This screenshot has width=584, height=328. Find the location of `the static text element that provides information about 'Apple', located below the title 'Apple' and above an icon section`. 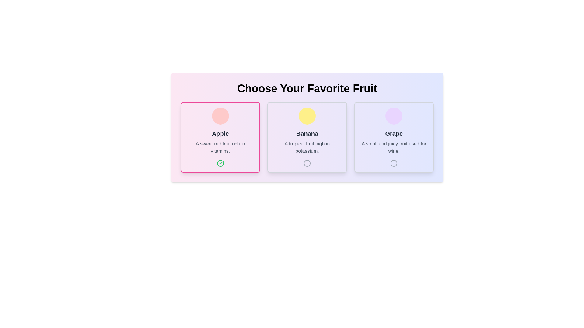

the static text element that provides information about 'Apple', located below the title 'Apple' and above an icon section is located at coordinates (220, 148).